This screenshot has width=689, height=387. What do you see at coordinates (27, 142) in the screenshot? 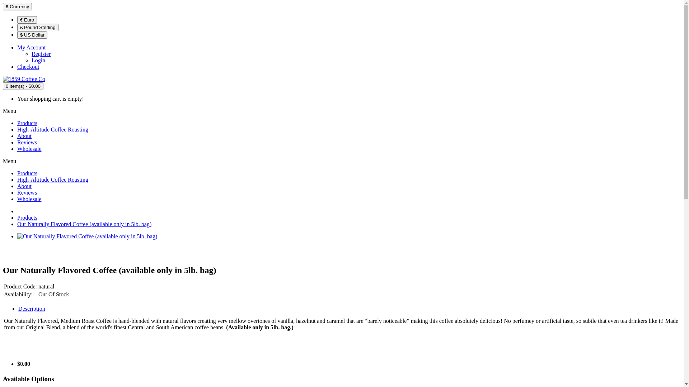
I see `'Reviews'` at bounding box center [27, 142].